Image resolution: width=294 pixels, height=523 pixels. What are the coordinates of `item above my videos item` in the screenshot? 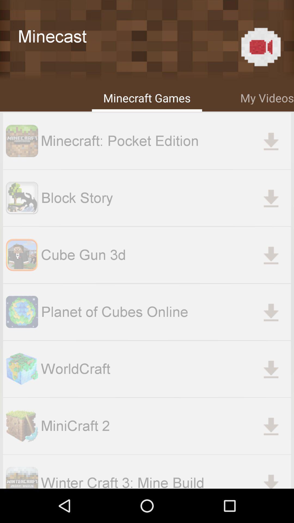 It's located at (261, 47).